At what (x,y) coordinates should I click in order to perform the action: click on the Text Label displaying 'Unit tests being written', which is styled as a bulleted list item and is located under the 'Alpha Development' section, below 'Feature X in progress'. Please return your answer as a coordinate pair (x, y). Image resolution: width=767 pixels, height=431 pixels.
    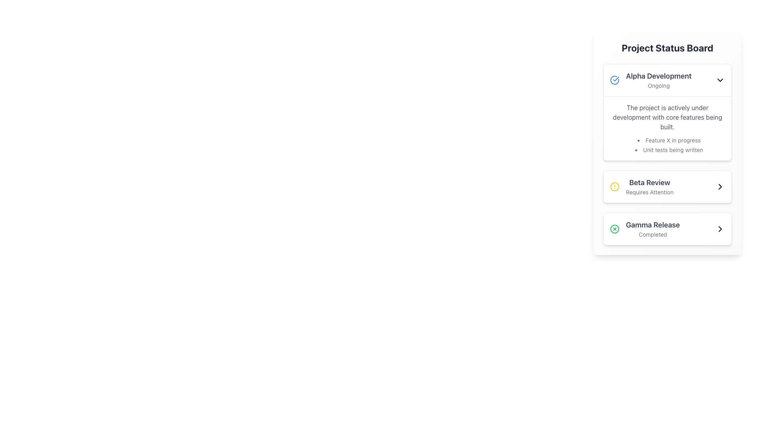
    Looking at the image, I should click on (669, 150).